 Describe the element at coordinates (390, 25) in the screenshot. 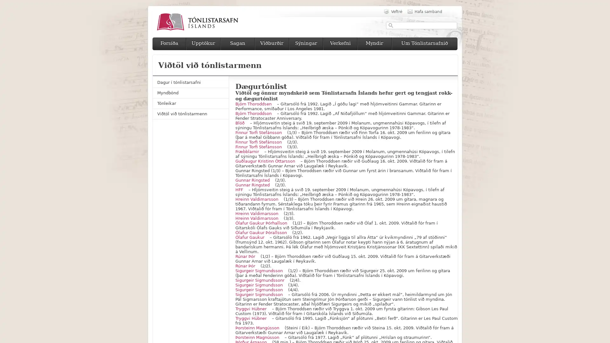

I see `Leita` at that location.